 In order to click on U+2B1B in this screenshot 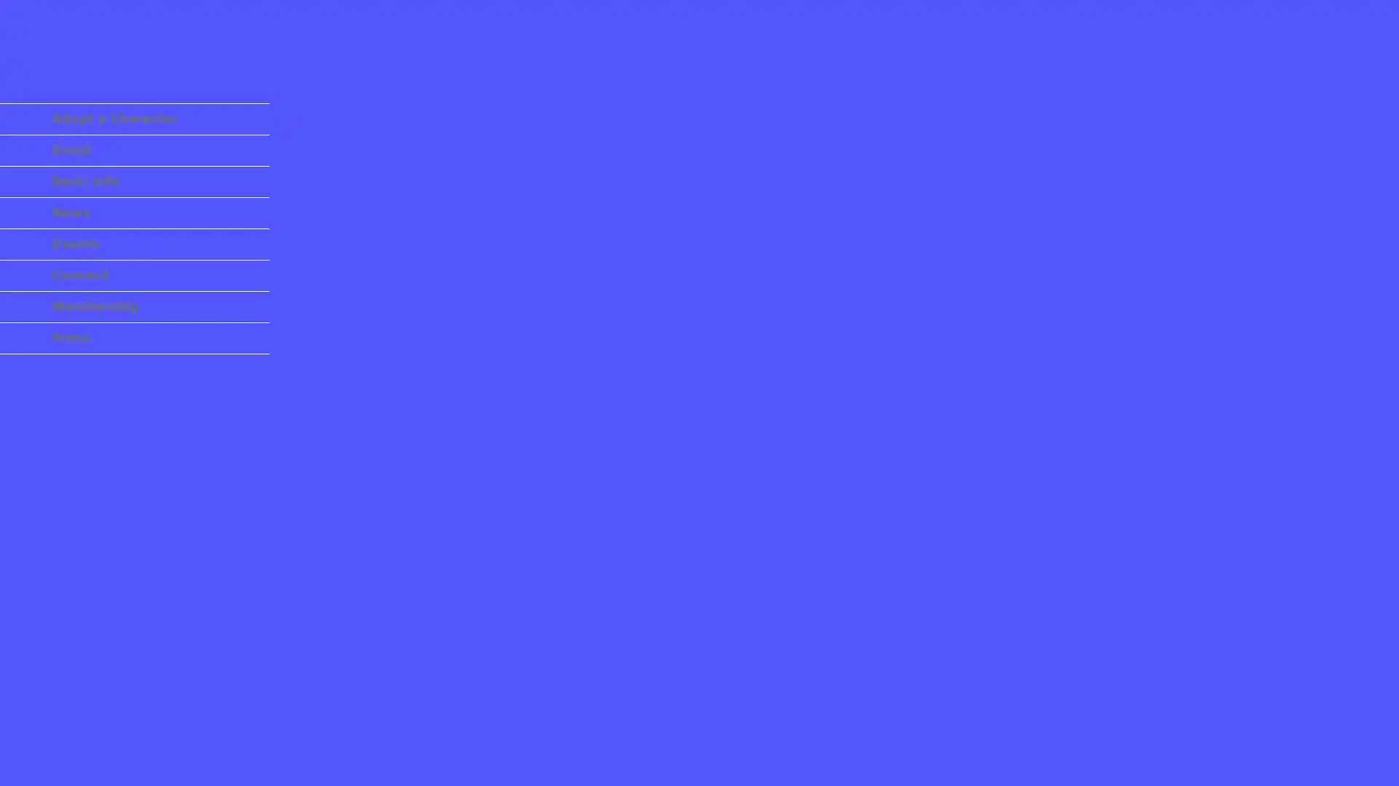, I will do `click(1118, 509)`.